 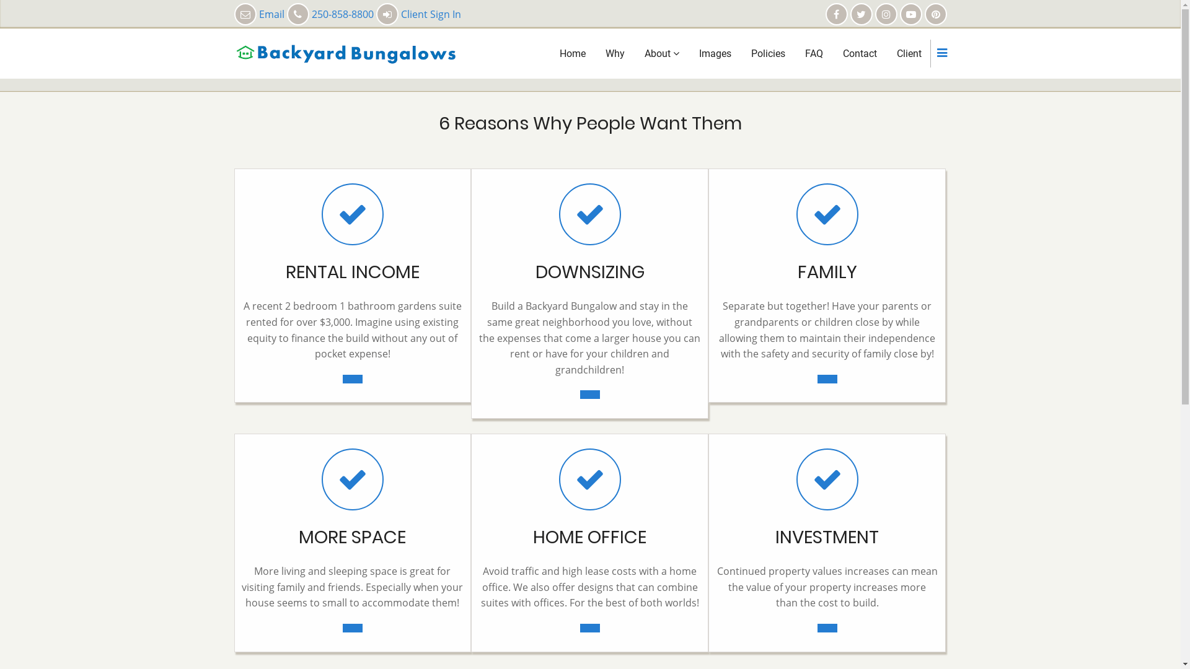 I want to click on 'Client', so click(x=886, y=53).